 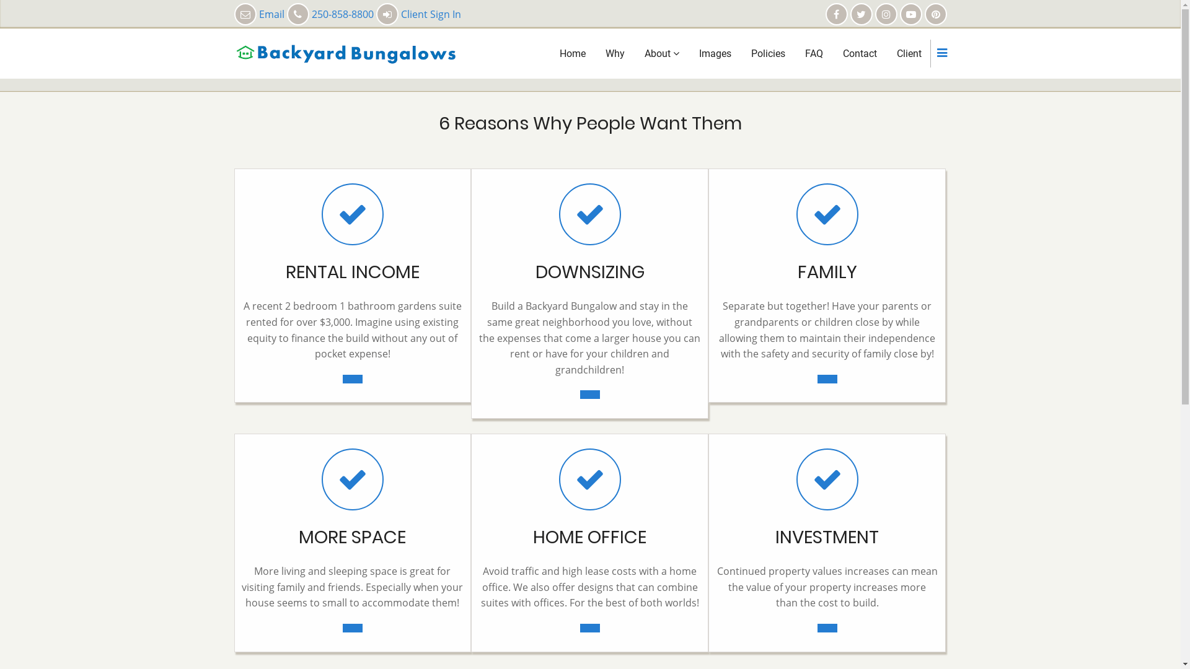 I want to click on 'Client', so click(x=886, y=53).